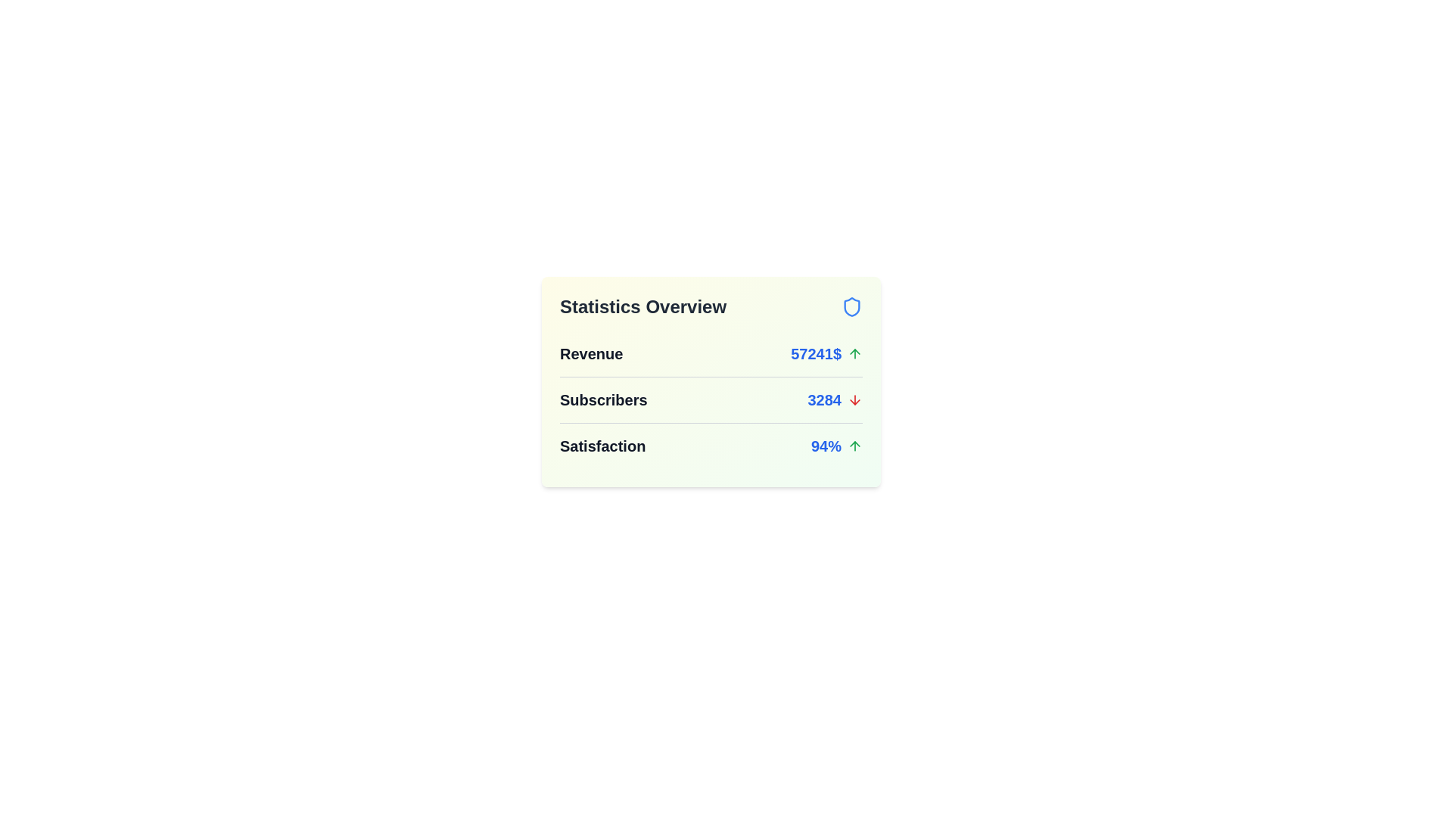 The width and height of the screenshot is (1453, 817). What do you see at coordinates (835, 446) in the screenshot?
I see `the statistic Satisfaction to view its details` at bounding box center [835, 446].